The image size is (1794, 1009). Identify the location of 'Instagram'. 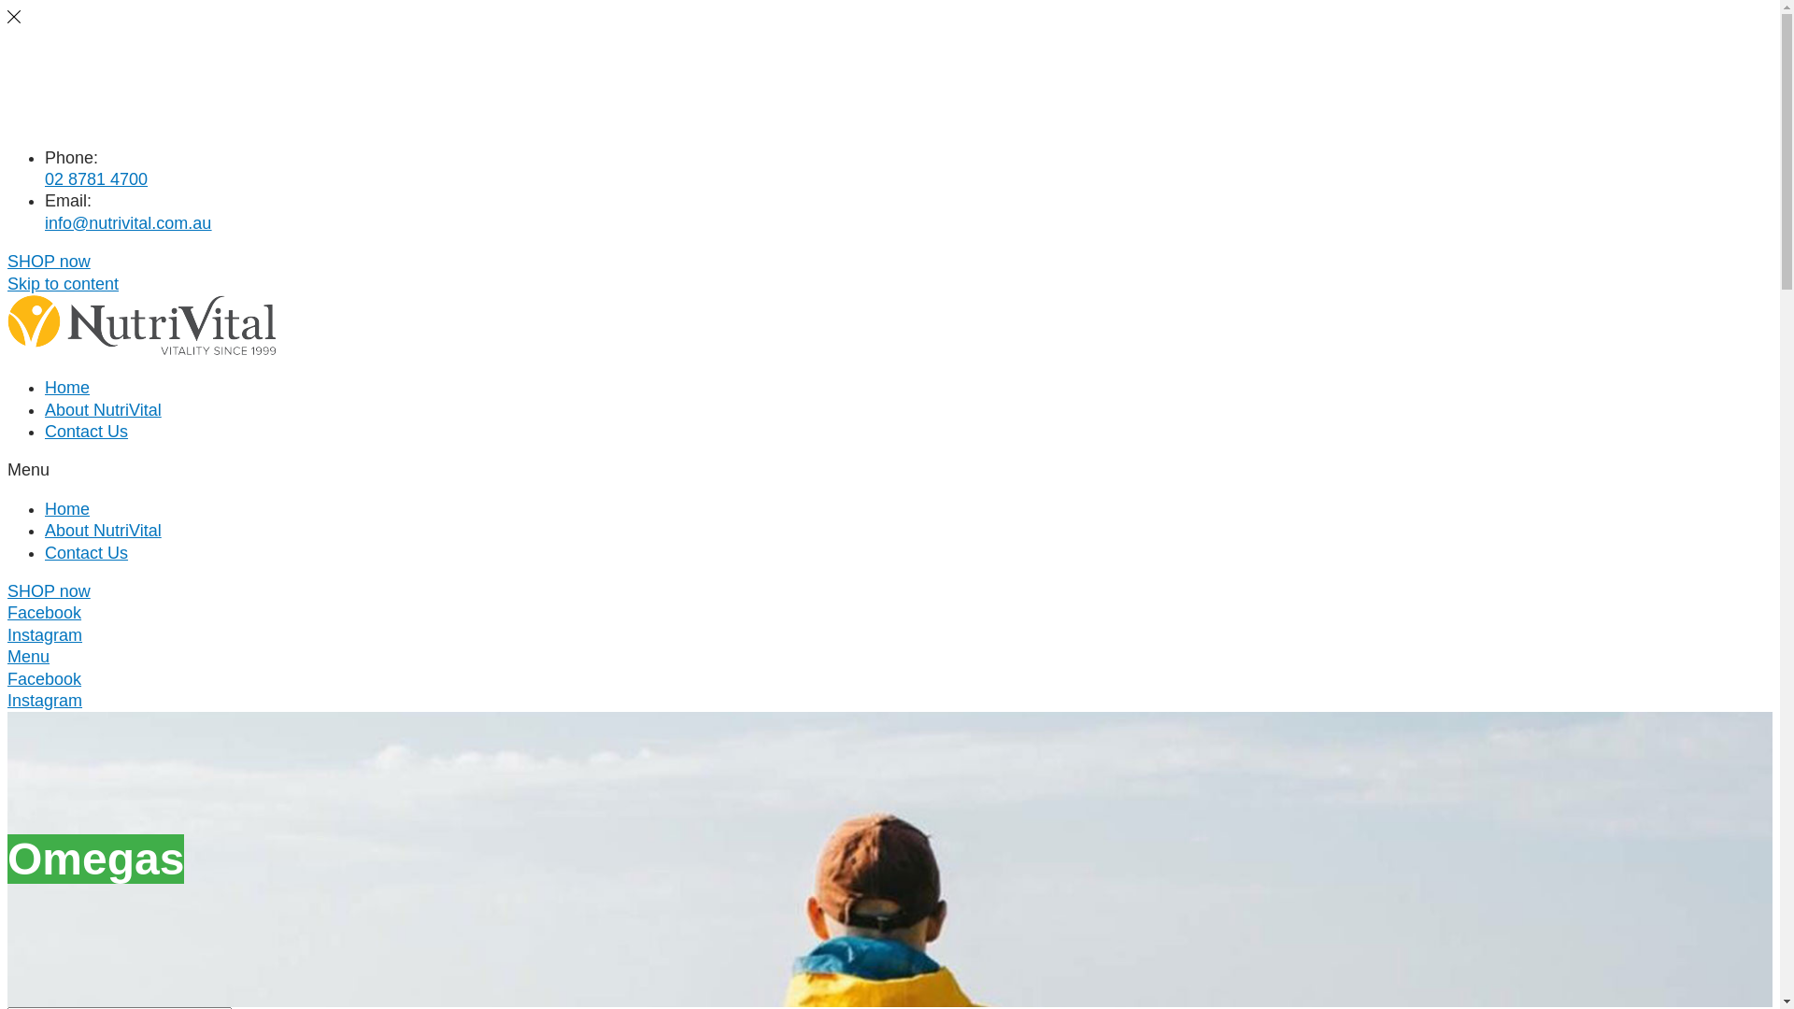
(45, 633).